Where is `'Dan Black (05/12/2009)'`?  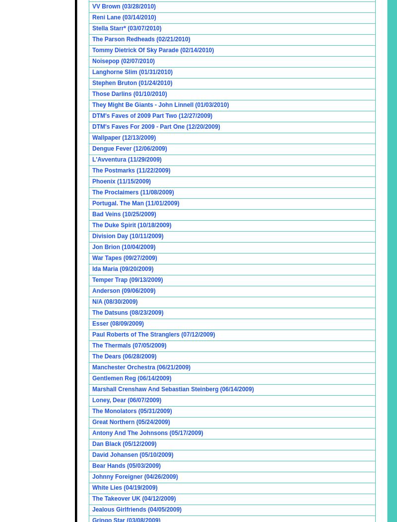 'Dan Black (05/12/2009)' is located at coordinates (124, 443).